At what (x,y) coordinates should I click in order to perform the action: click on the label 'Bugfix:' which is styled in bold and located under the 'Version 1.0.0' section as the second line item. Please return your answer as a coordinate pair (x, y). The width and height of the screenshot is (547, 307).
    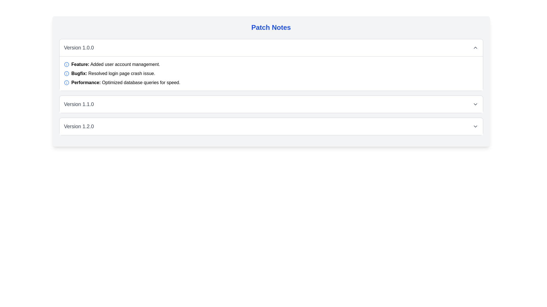
    Looking at the image, I should click on (79, 73).